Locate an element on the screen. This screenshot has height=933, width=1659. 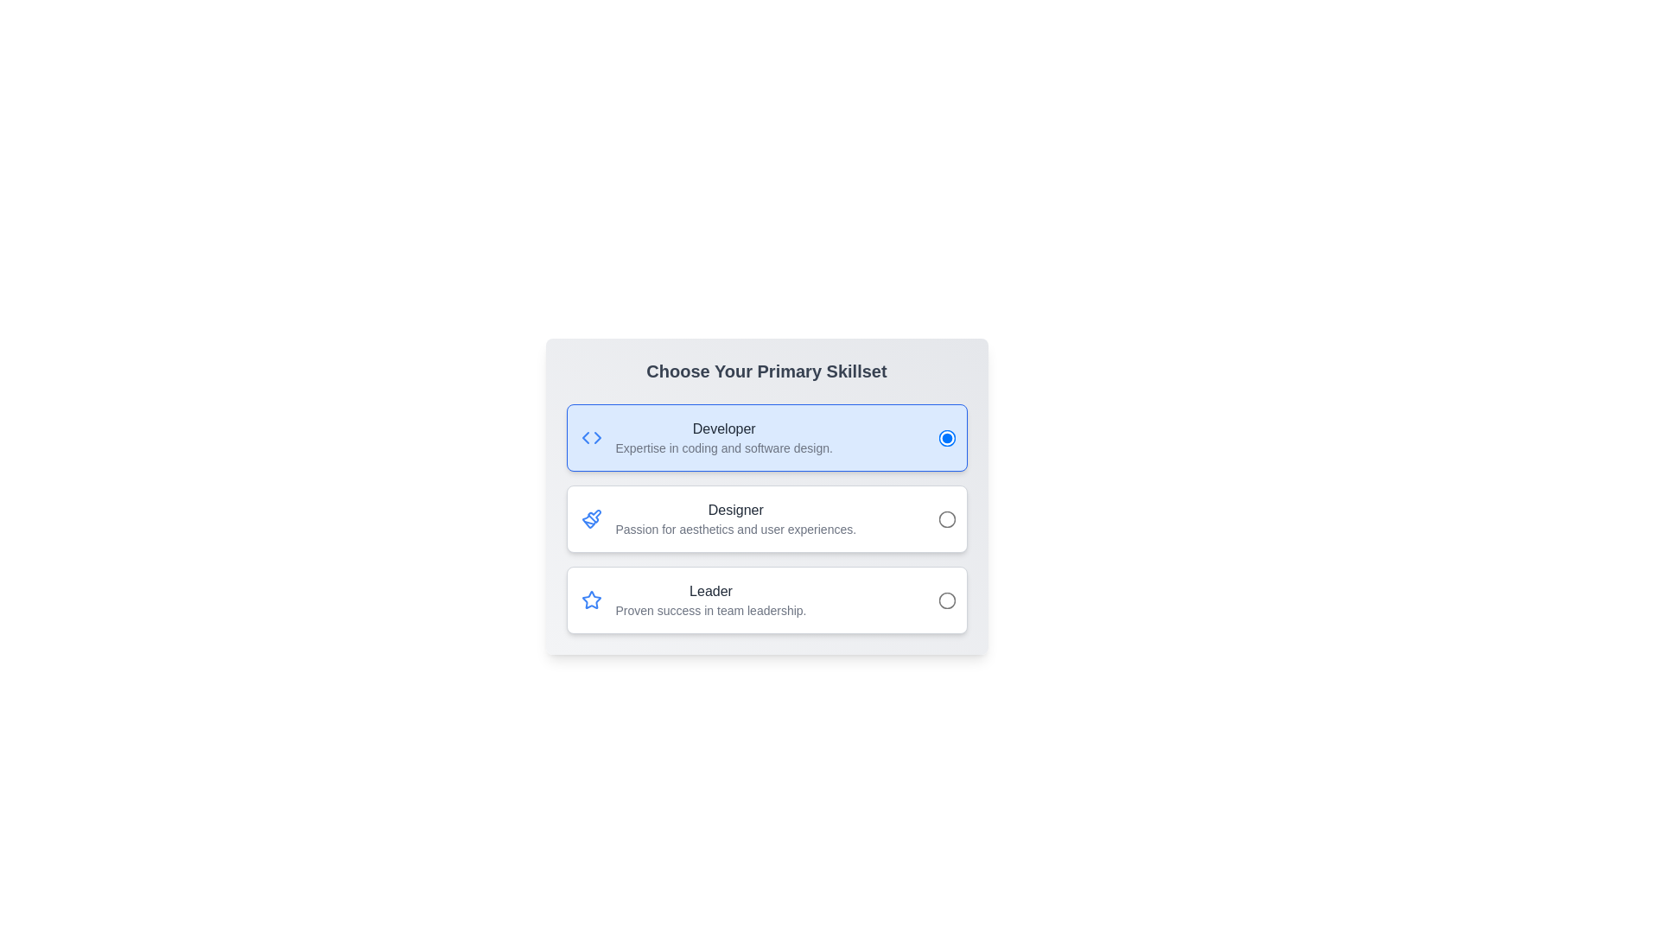
the left-pointing triangular SVG graphic element with a red fill, which is part of a modern-designed icon area is located at coordinates (585, 436).